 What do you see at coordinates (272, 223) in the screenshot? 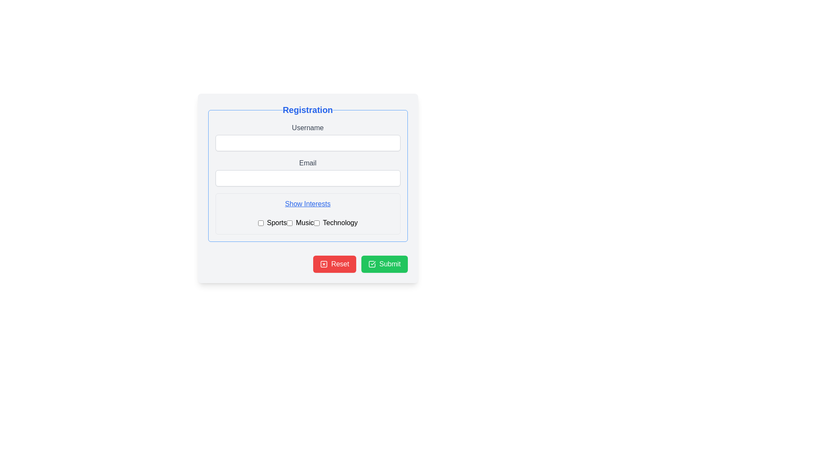
I see `the checkbox next to the 'Sports' label` at bounding box center [272, 223].